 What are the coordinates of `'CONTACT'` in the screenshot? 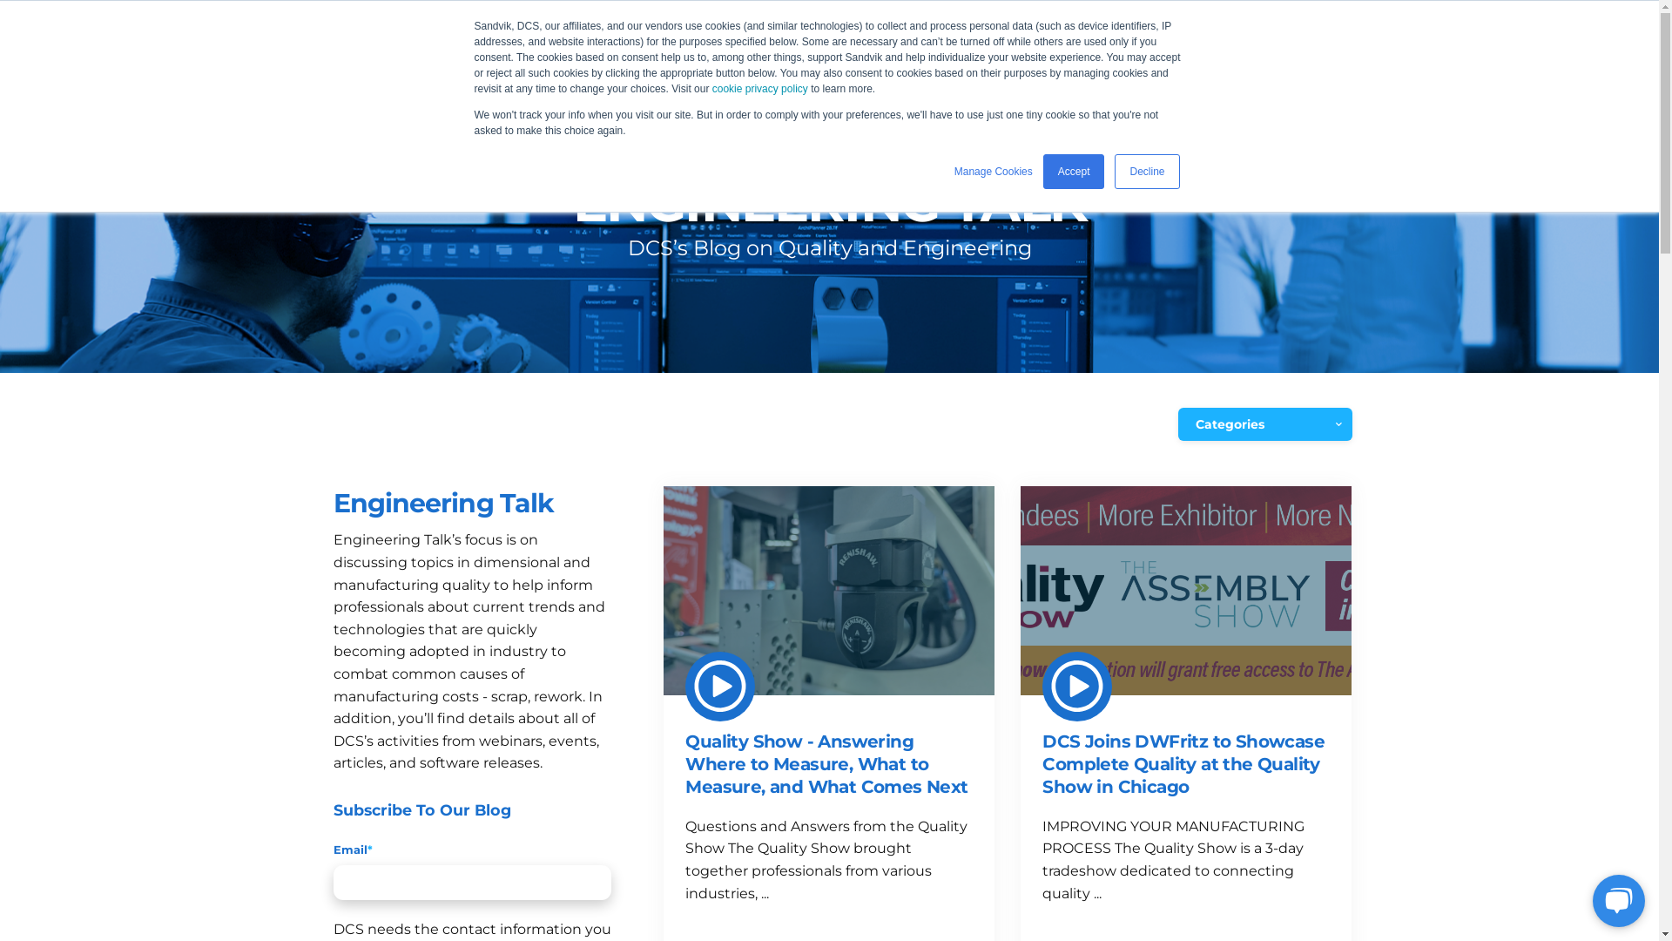 It's located at (1047, 17).